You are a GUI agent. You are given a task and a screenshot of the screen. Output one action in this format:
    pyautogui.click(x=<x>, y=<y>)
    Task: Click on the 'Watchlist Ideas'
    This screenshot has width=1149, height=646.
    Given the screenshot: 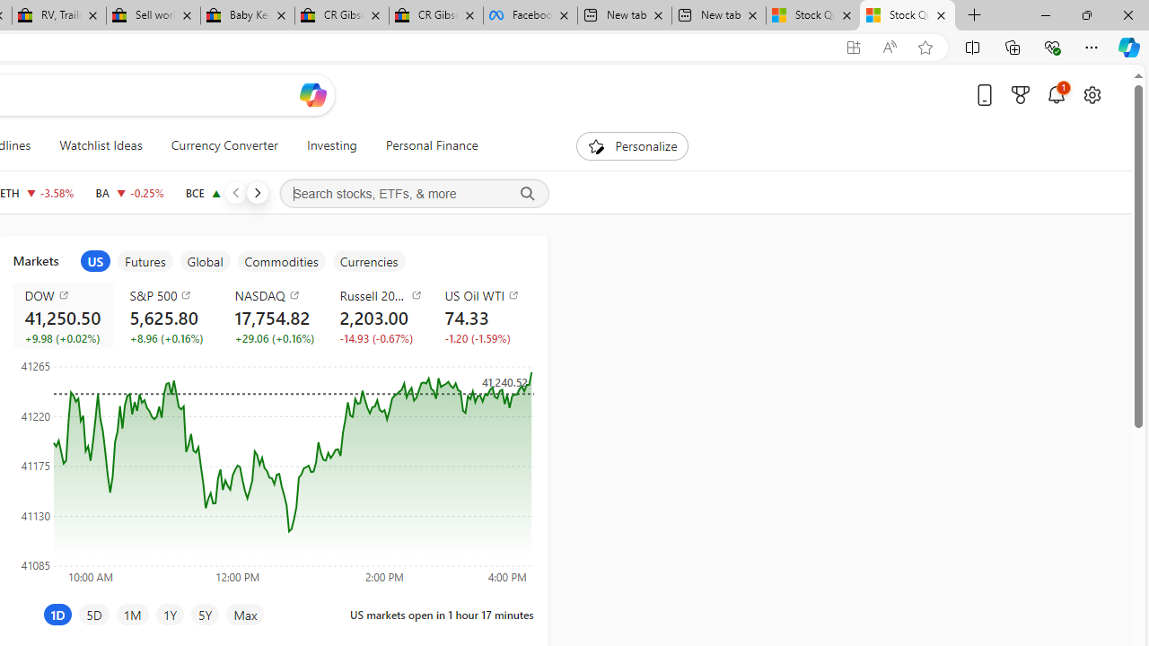 What is the action you would take?
    pyautogui.click(x=100, y=145)
    